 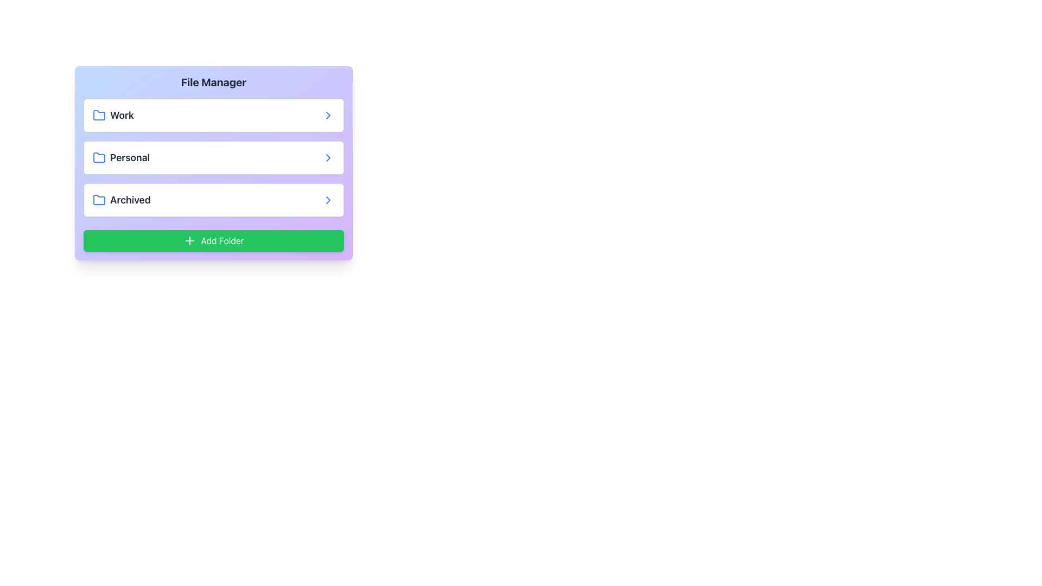 I want to click on the 'Archived' label with the folder icon, so click(x=122, y=200).